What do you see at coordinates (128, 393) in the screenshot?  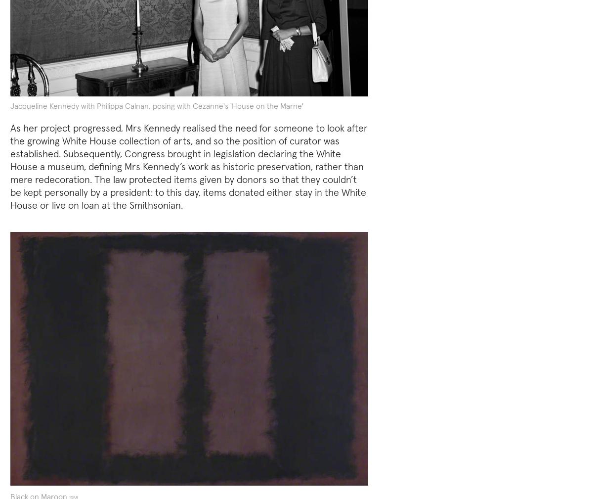 I see `'return the bust'` at bounding box center [128, 393].